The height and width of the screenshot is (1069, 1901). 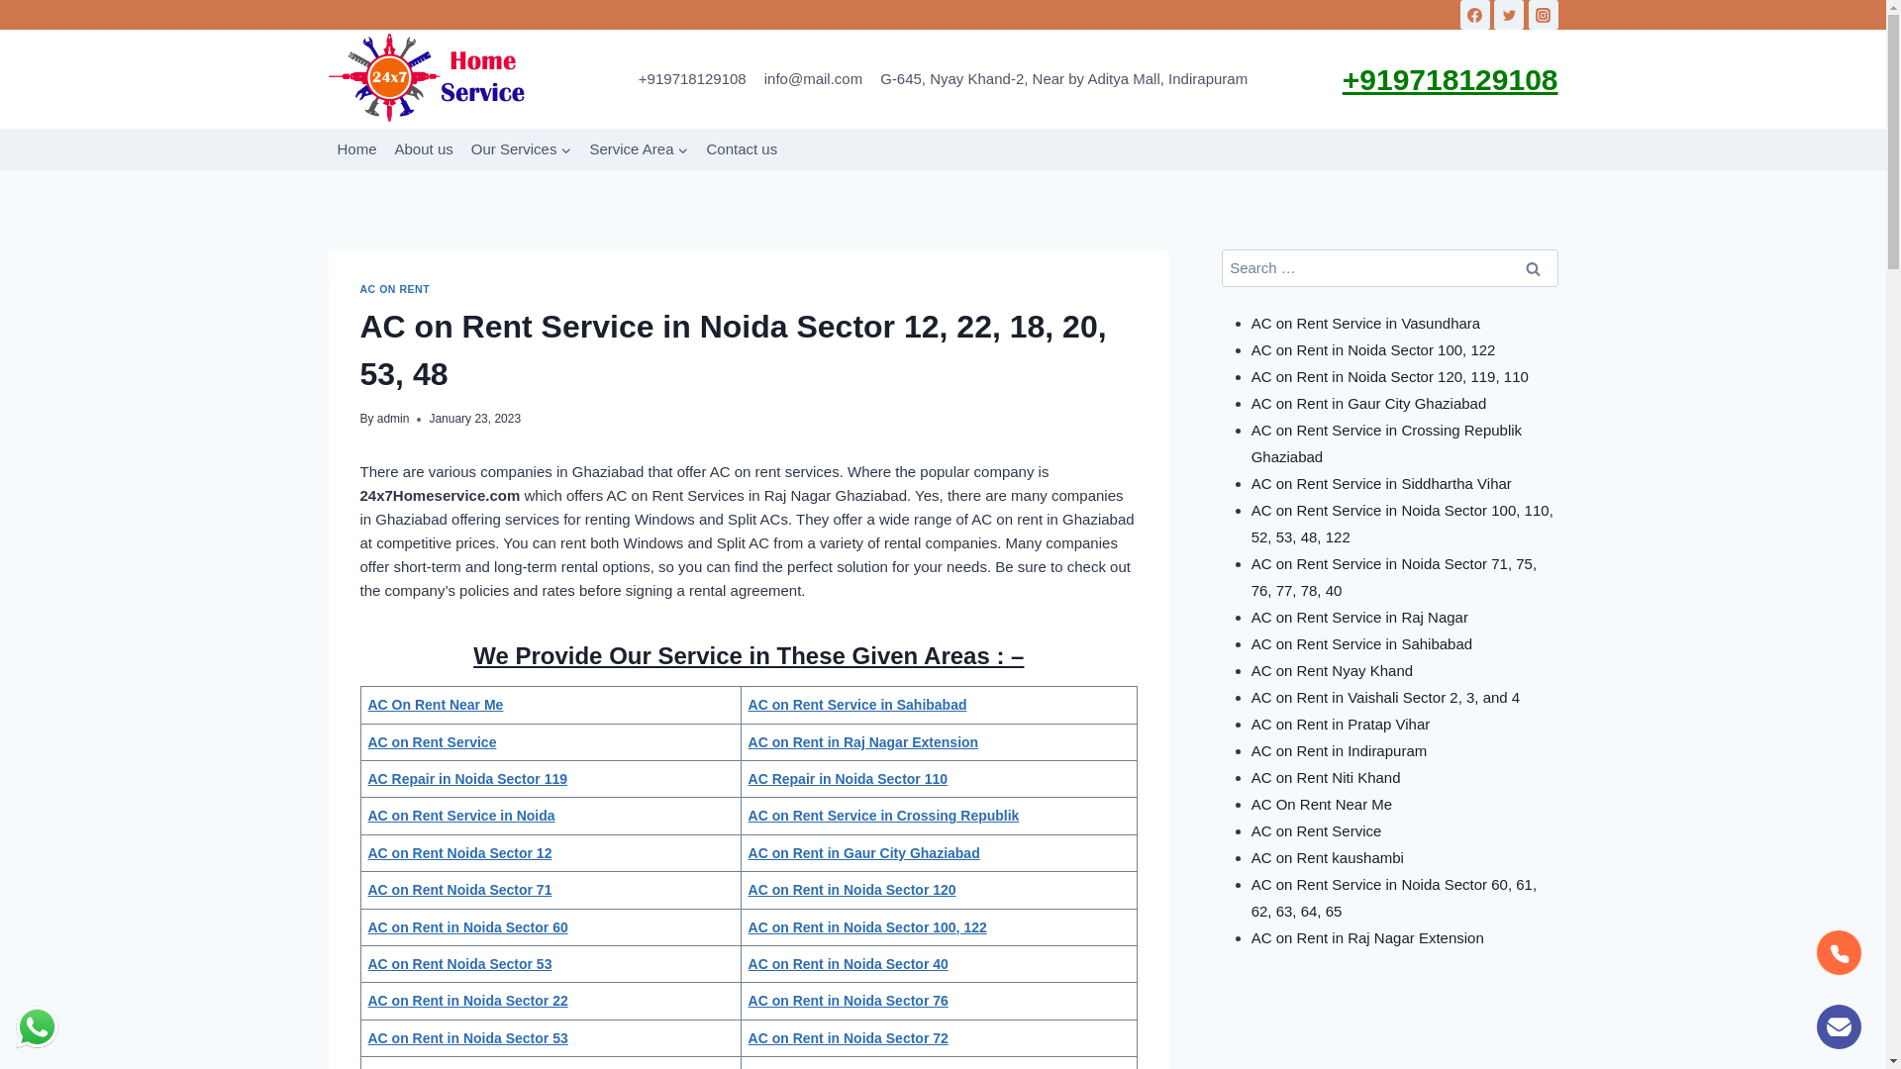 I want to click on 'AC on Rent in Noida Sector 120', so click(x=851, y=888).